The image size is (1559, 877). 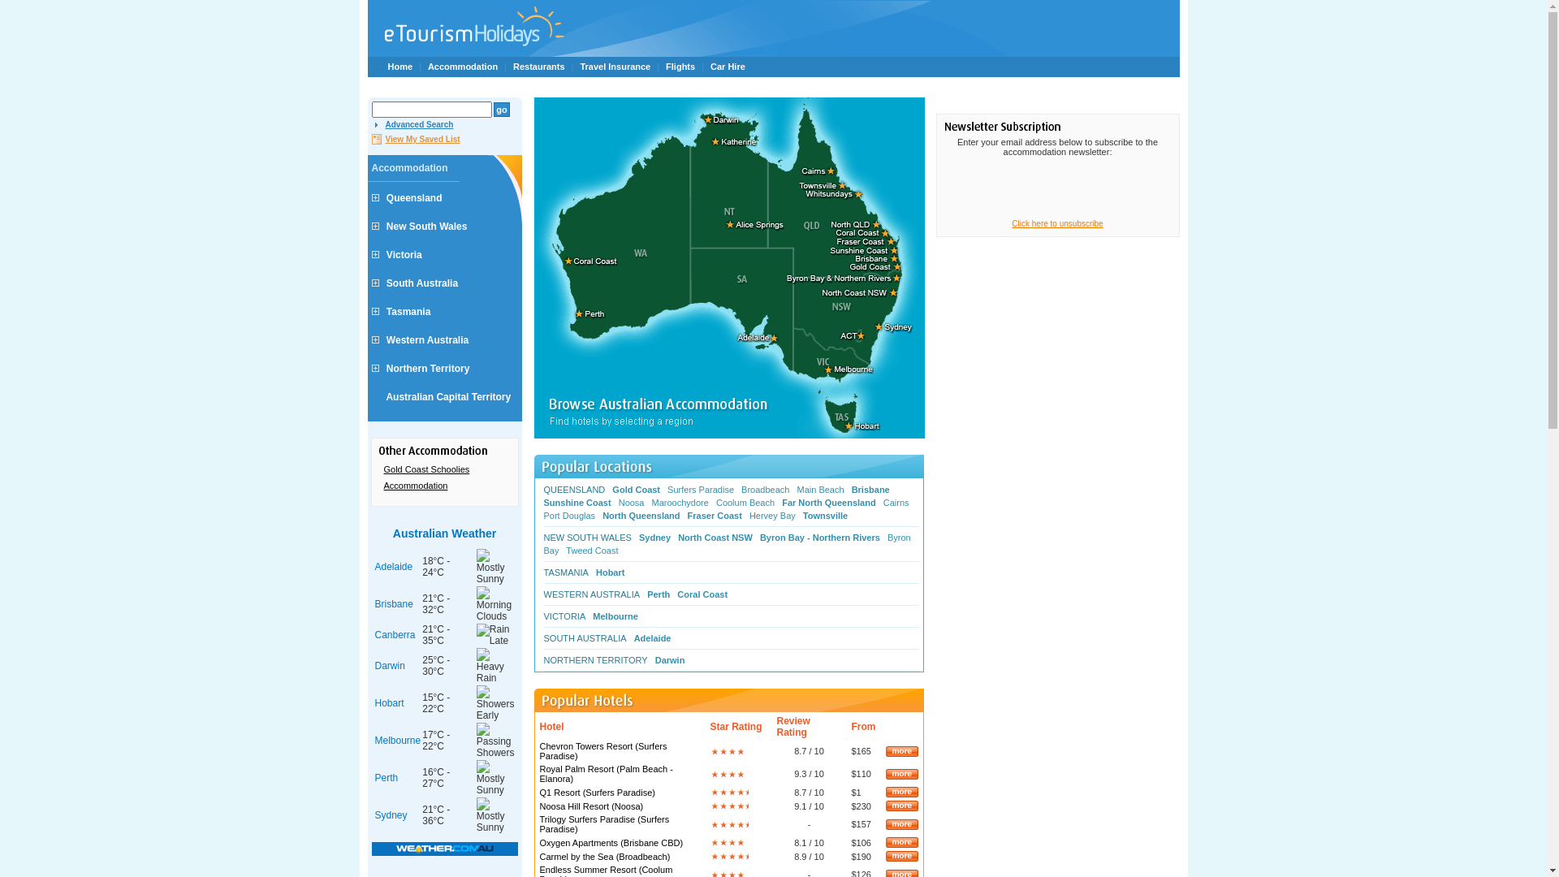 I want to click on 'Coolum Beach', so click(x=747, y=501).